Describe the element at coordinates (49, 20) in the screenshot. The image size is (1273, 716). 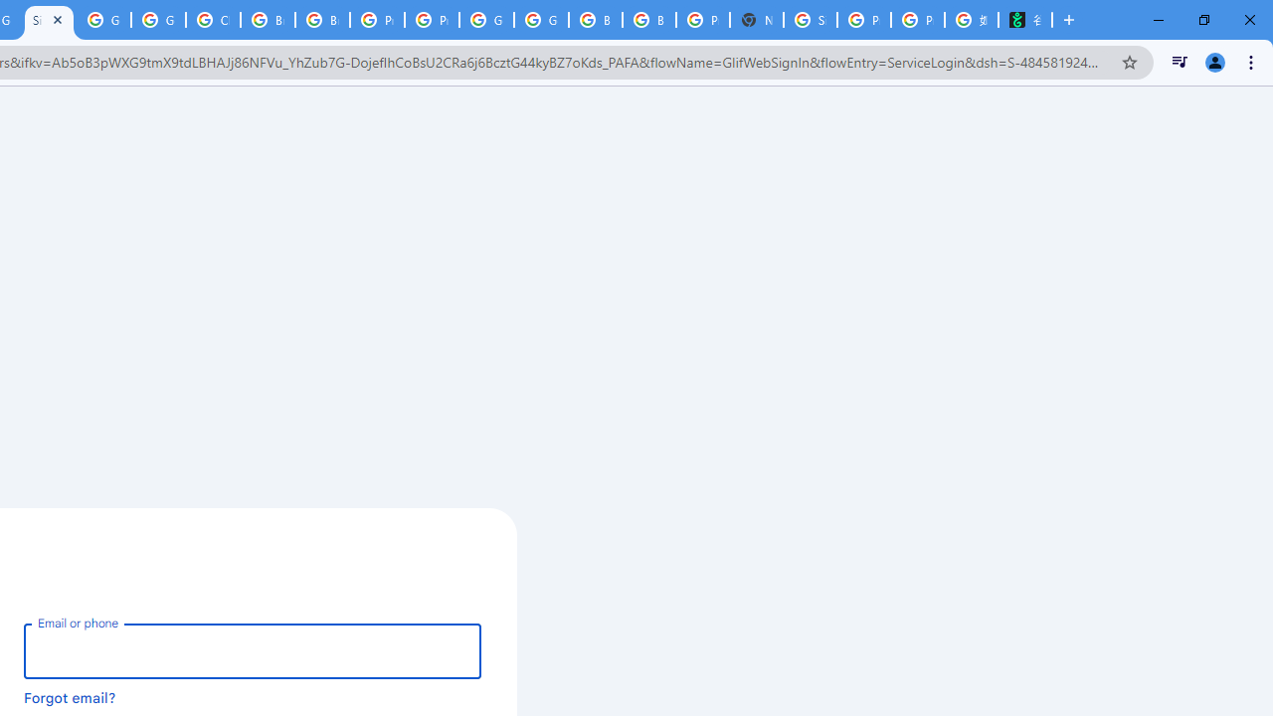
I see `'Sign in - Google Accounts'` at that location.